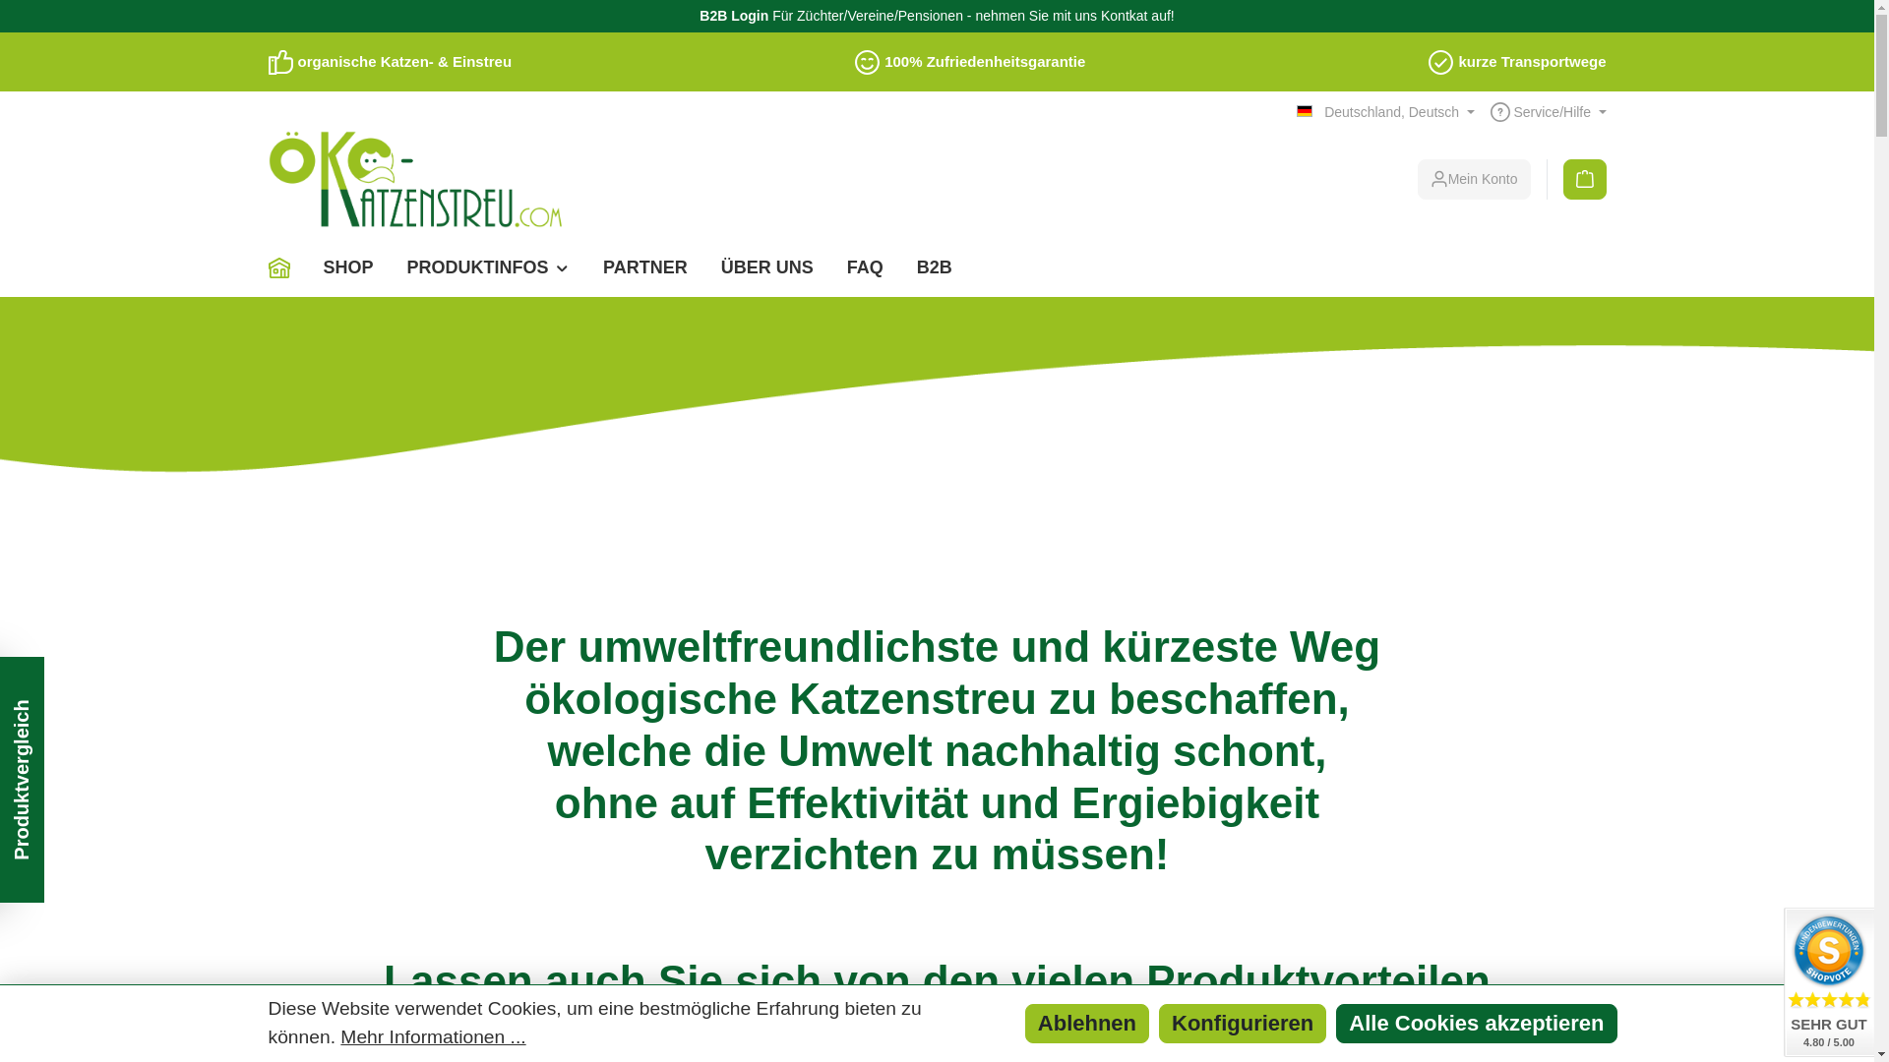 This screenshot has height=1062, width=1889. I want to click on 'Warenkorb', so click(1585, 179).